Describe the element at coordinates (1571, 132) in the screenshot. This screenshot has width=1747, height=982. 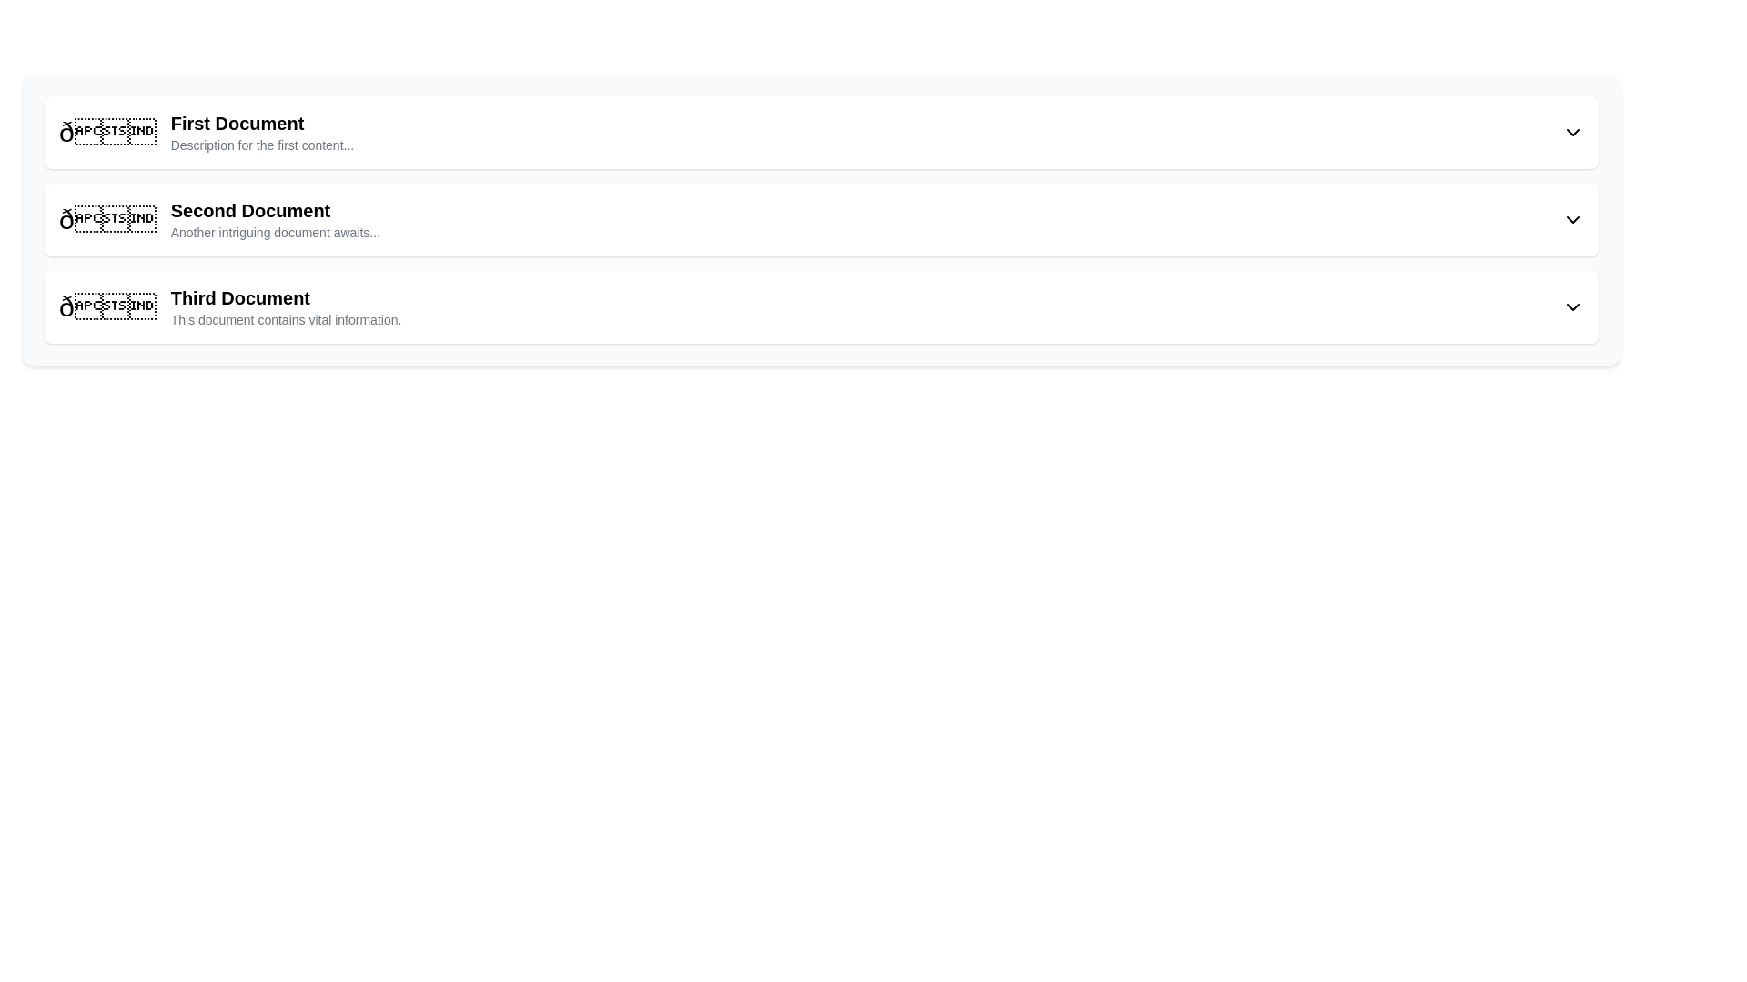
I see `the chevron icon located at the right end of the header section of the 'First Document' list item` at that location.